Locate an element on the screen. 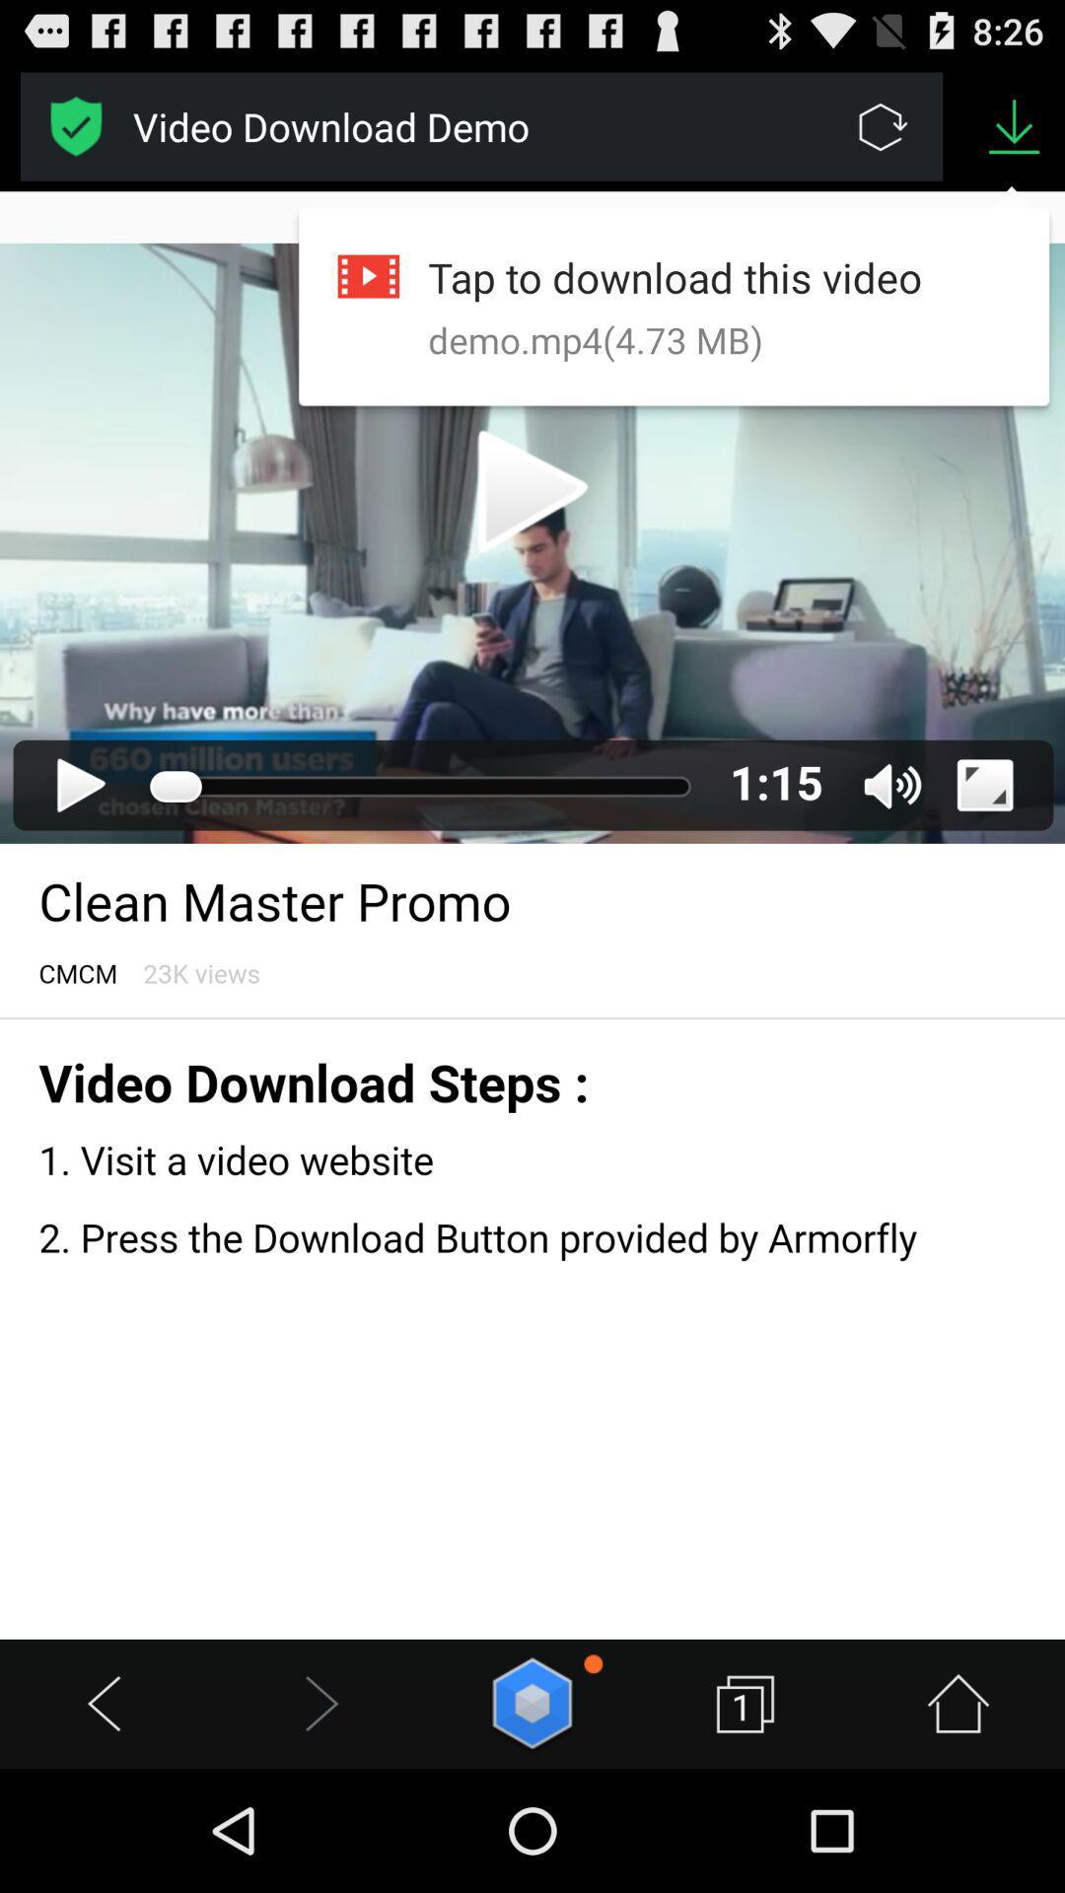  button is located at coordinates (532, 1703).